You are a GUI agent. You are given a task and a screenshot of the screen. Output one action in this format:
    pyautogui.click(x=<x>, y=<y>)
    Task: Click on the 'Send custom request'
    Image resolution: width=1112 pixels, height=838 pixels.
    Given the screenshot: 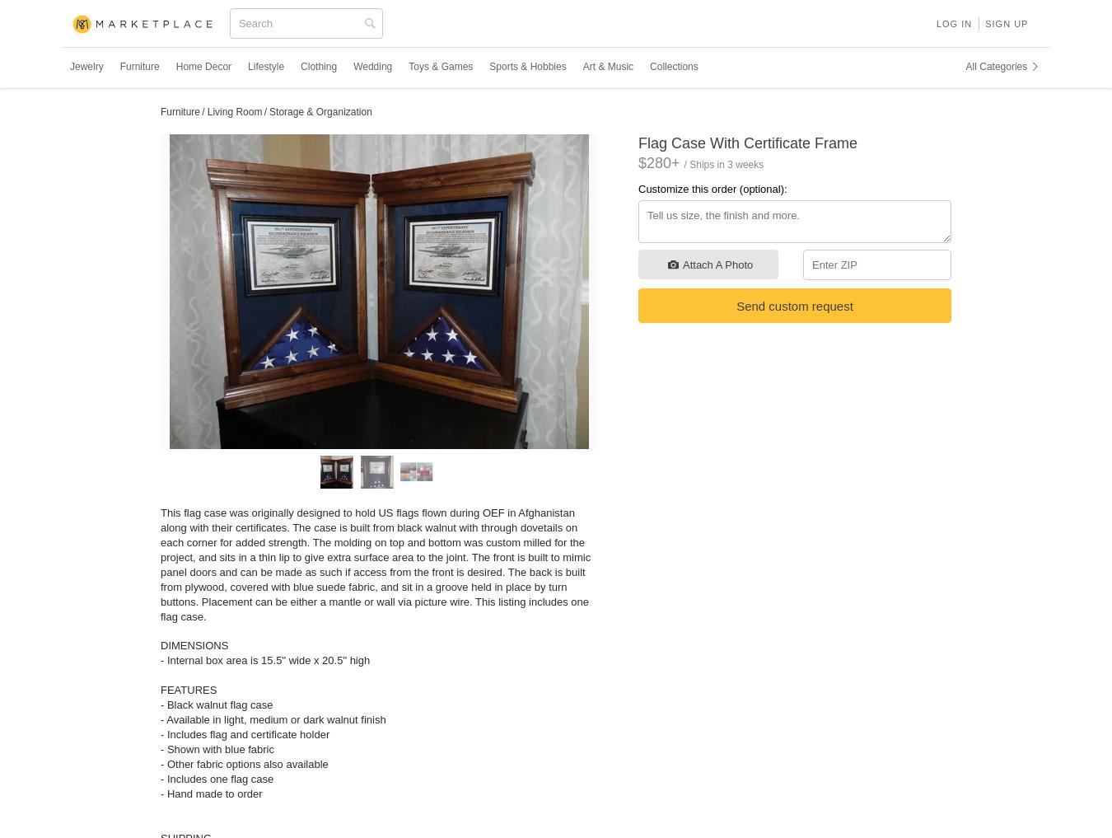 What is the action you would take?
    pyautogui.click(x=793, y=305)
    